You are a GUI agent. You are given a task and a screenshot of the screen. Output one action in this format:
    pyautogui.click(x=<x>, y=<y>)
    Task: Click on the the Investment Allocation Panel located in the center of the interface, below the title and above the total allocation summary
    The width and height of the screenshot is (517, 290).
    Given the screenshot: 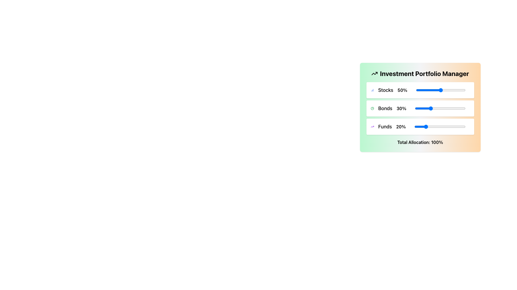 What is the action you would take?
    pyautogui.click(x=420, y=108)
    